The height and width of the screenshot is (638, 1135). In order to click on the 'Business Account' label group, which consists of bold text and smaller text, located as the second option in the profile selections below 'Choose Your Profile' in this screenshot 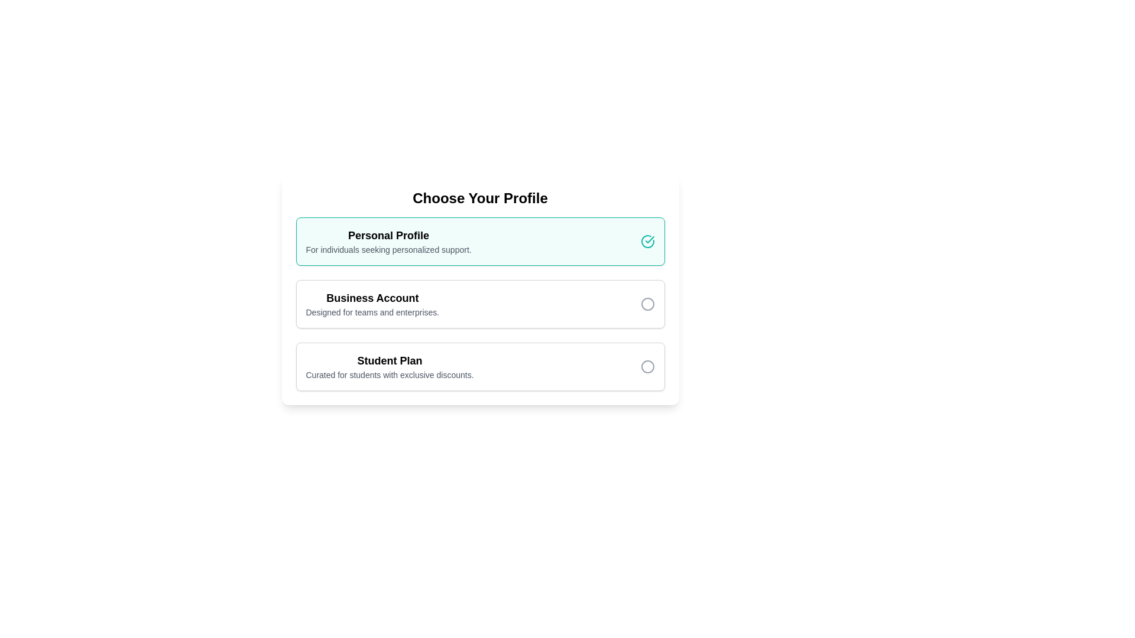, I will do `click(372, 304)`.